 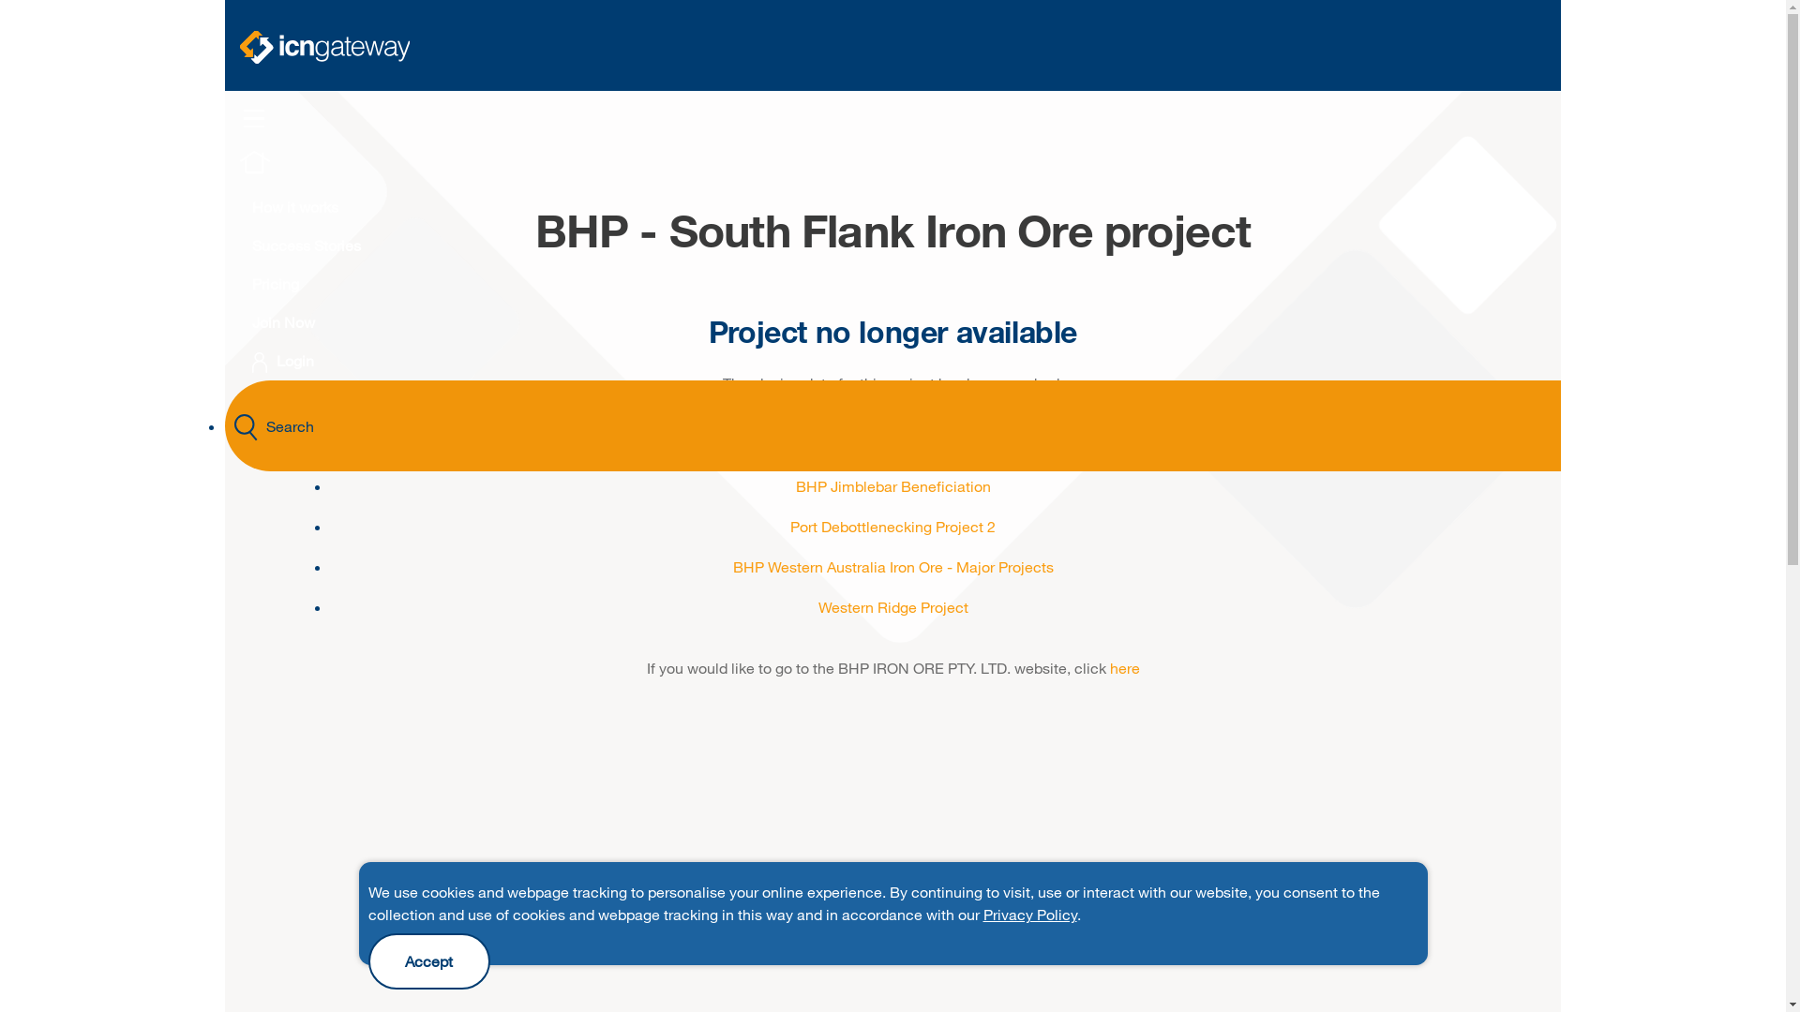 I want to click on 'Pricing', so click(x=228, y=283).